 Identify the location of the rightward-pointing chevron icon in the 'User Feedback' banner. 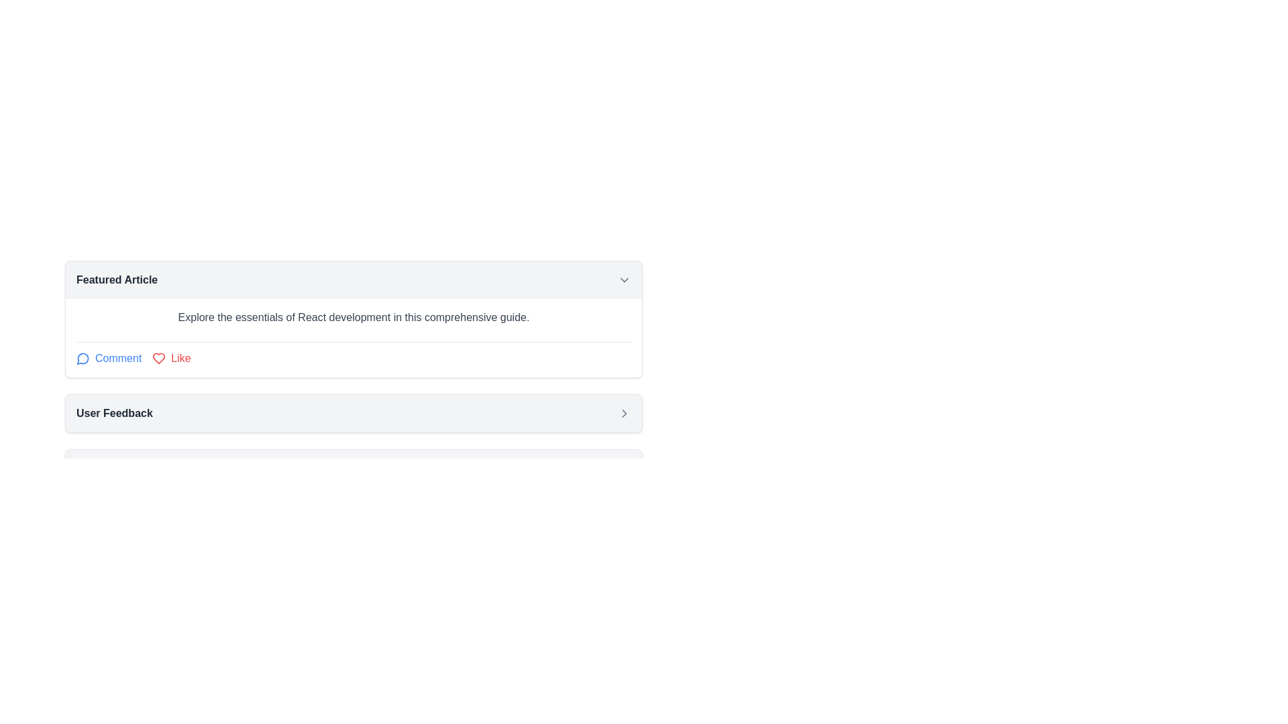
(624, 413).